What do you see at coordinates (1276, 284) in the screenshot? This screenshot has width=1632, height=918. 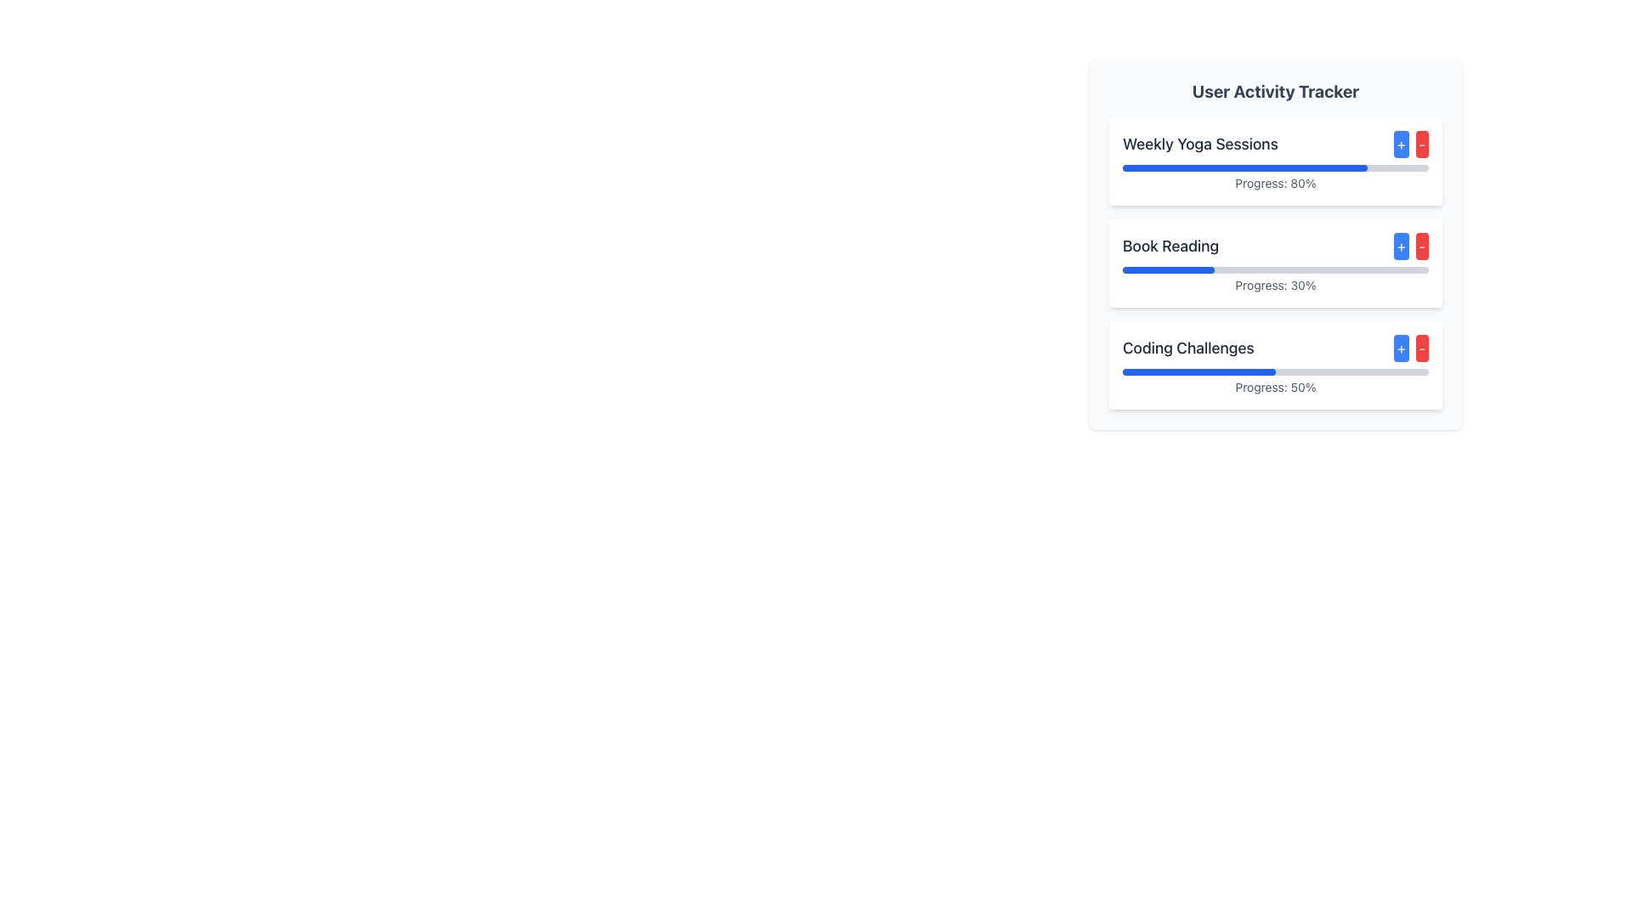 I see `the progress percentage label (30%) located at the bottom section of the 'Book Reading' card, directly beneath the progress bar` at bounding box center [1276, 284].